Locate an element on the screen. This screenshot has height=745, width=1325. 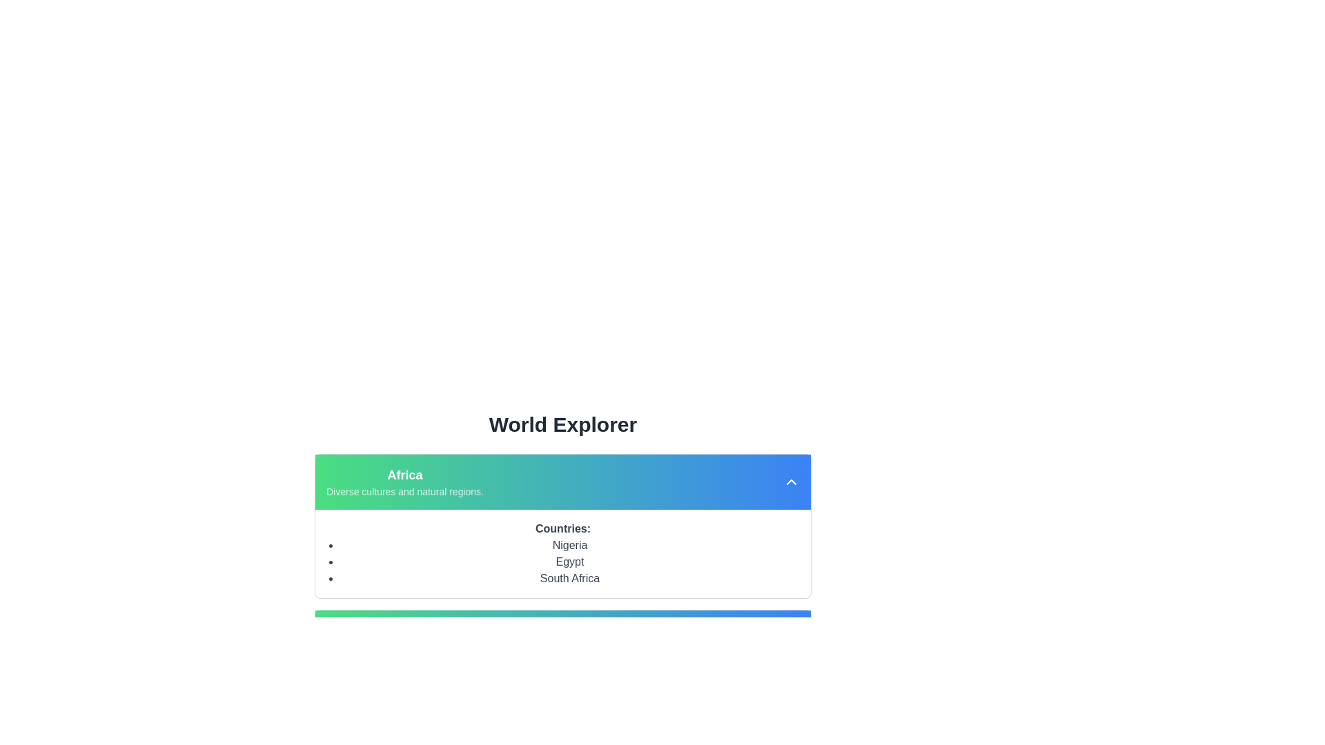
the Chevron-Up icon button is located at coordinates (792, 481).